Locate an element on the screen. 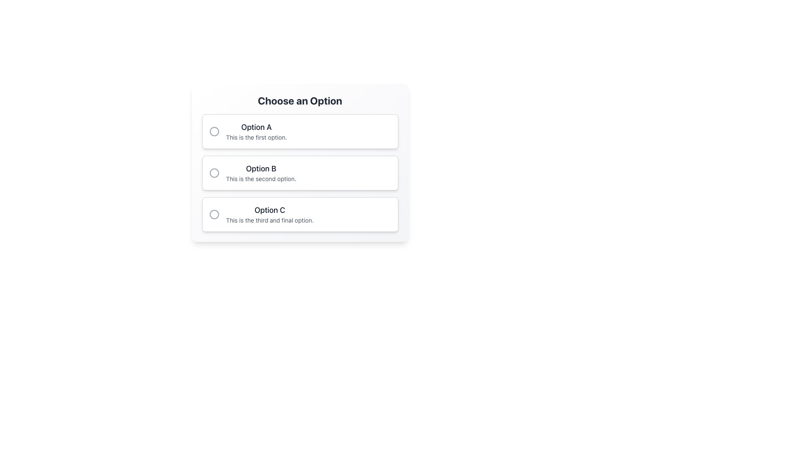 This screenshot has height=457, width=812. the circular icon with a gray outline and transparent interior, located to the left of the 'Option C' block is located at coordinates (214, 214).